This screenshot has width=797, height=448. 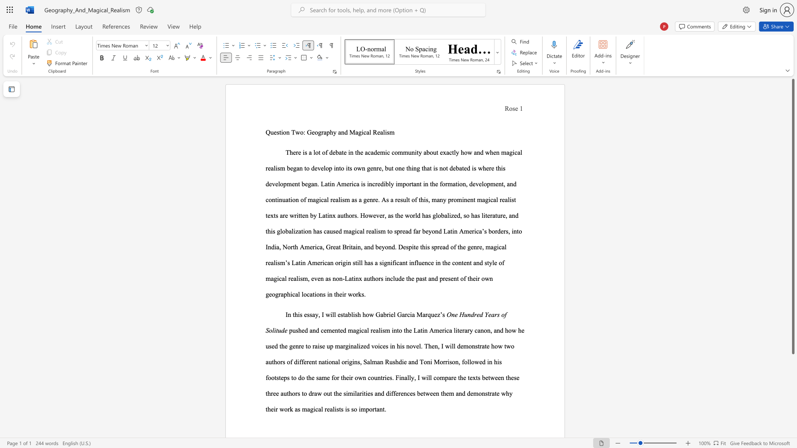 I want to click on the scrollbar to move the page downward, so click(x=792, y=402).